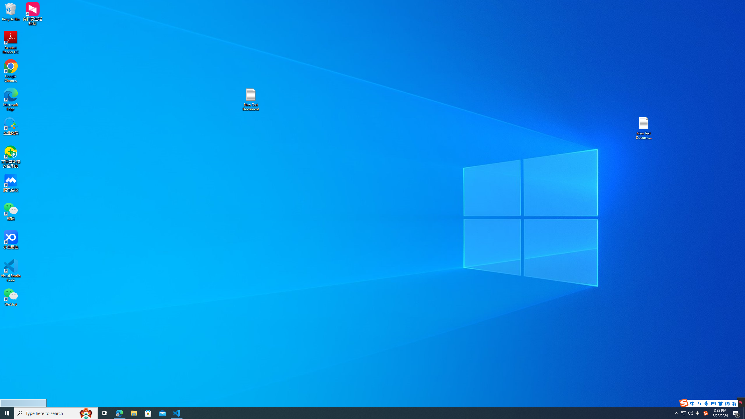  I want to click on 'WeChat', so click(10, 297).